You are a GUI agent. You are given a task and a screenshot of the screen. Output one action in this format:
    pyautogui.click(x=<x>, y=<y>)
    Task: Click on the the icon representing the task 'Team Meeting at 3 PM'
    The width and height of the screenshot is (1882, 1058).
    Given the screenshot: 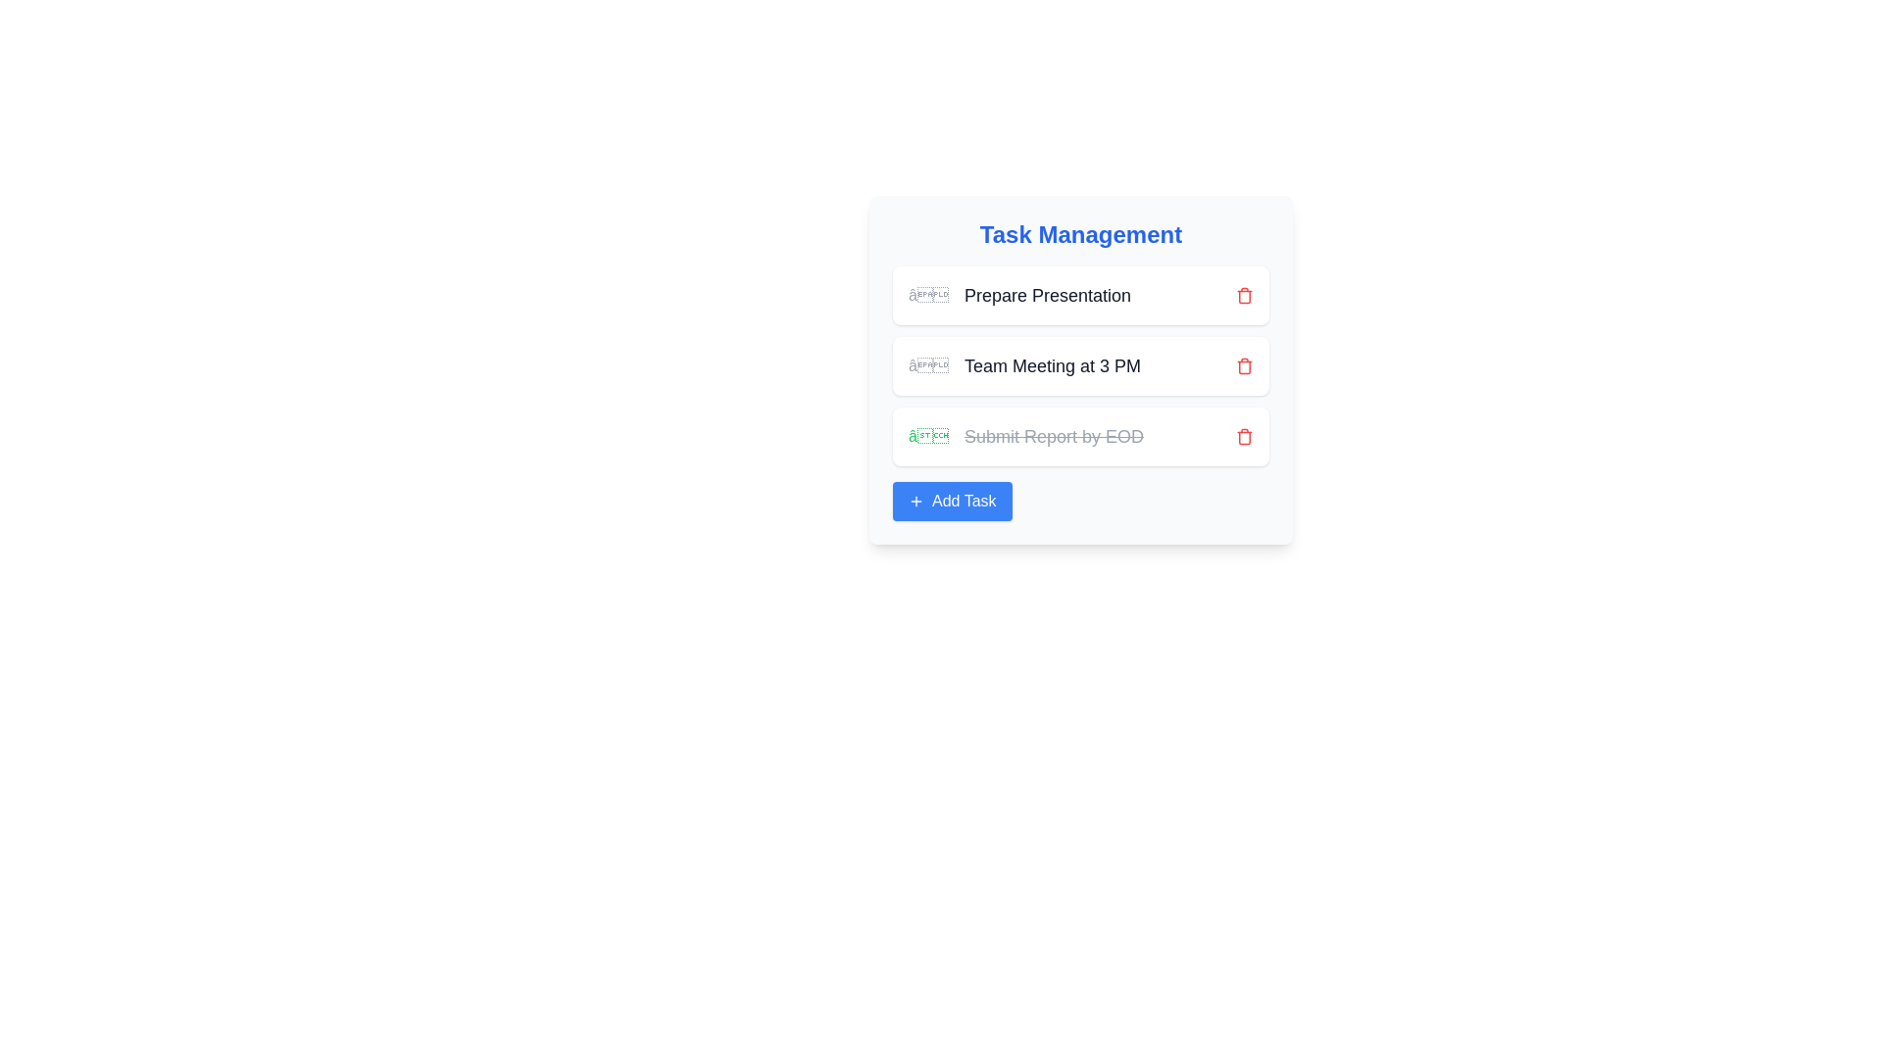 What is the action you would take?
    pyautogui.click(x=927, y=366)
    